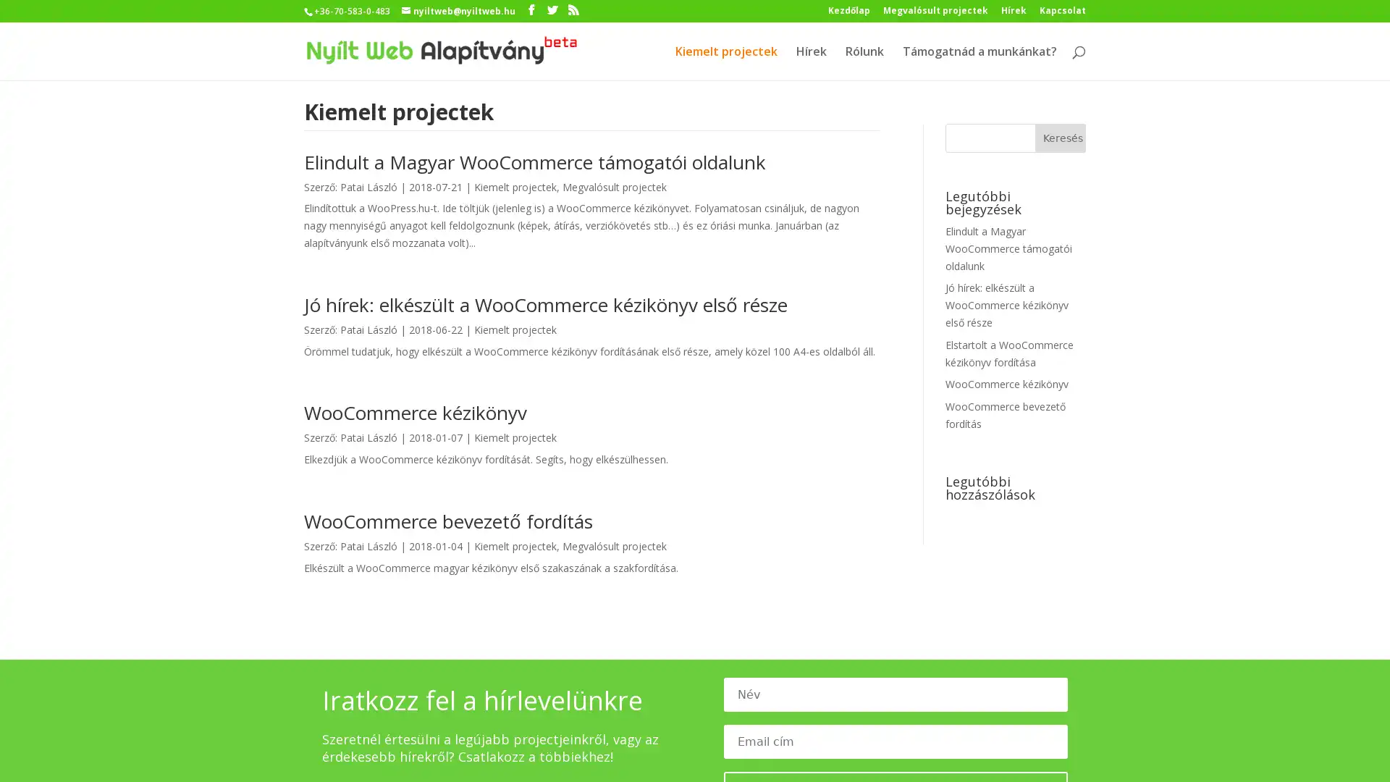  I want to click on Kereses, so click(1060, 137).